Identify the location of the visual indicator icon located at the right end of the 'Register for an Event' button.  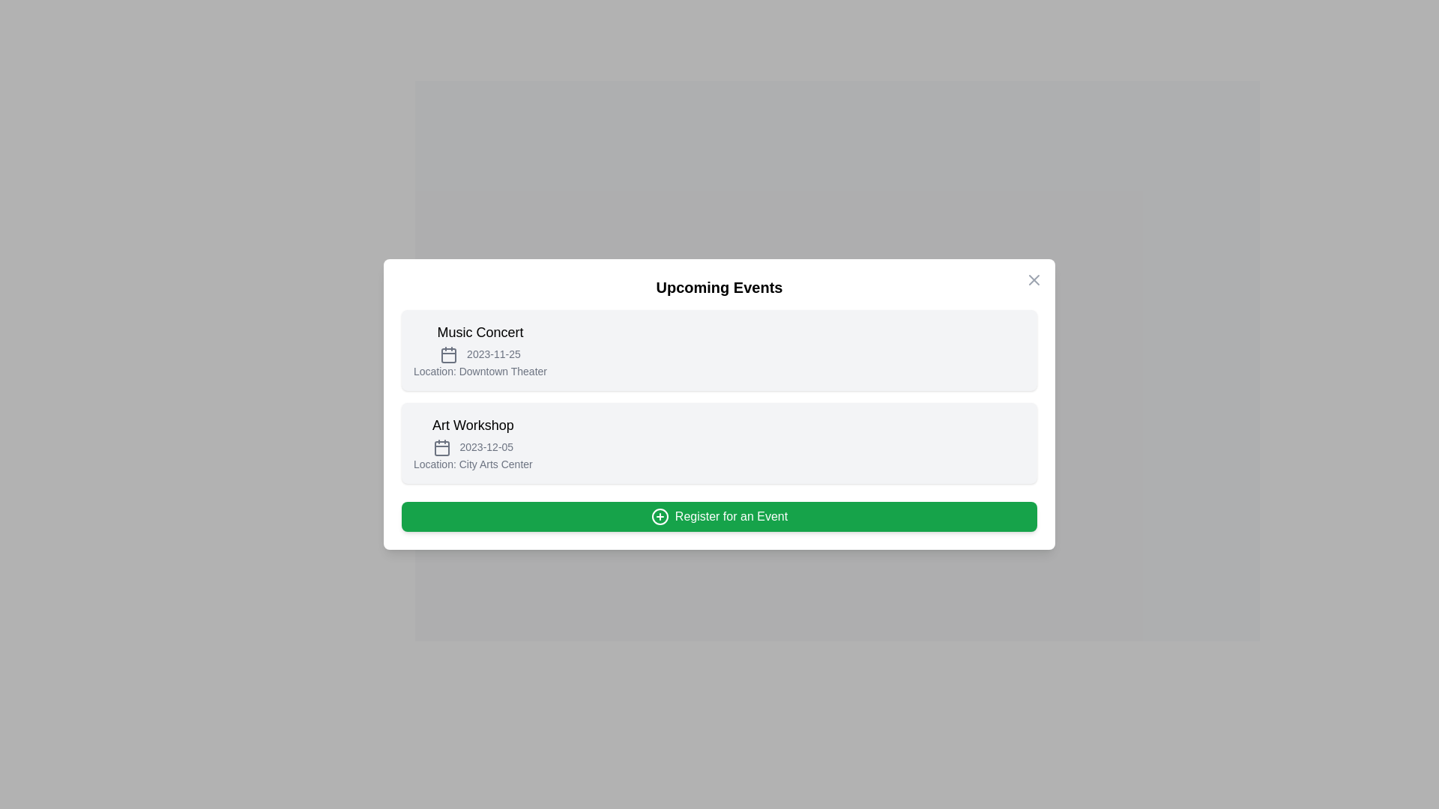
(660, 516).